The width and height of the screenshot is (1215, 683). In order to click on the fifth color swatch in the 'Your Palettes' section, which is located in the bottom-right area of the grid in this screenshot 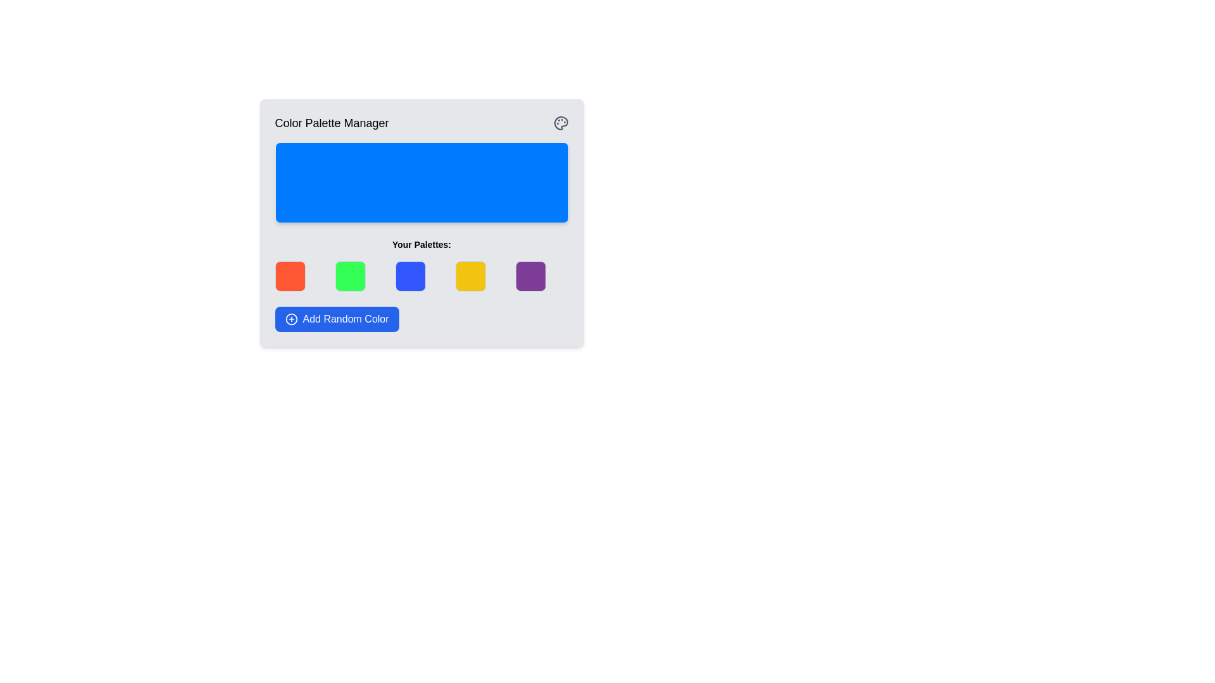, I will do `click(531, 275)`.